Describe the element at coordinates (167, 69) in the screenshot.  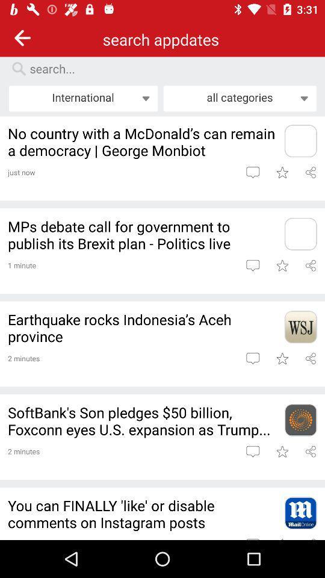
I see `search appdates` at that location.